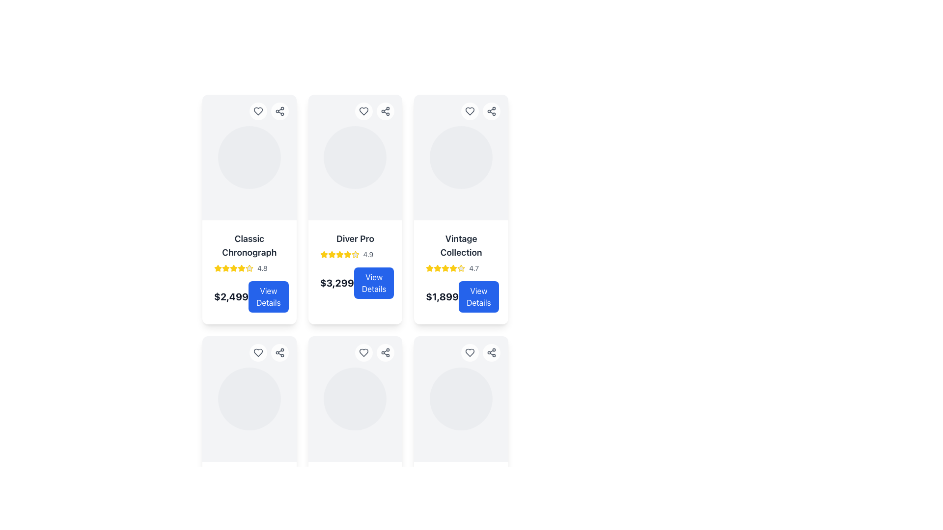 The height and width of the screenshot is (530, 943). I want to click on the fifth star in the rating system beneath the 'Diver Pro' product card to rate it, so click(339, 254).